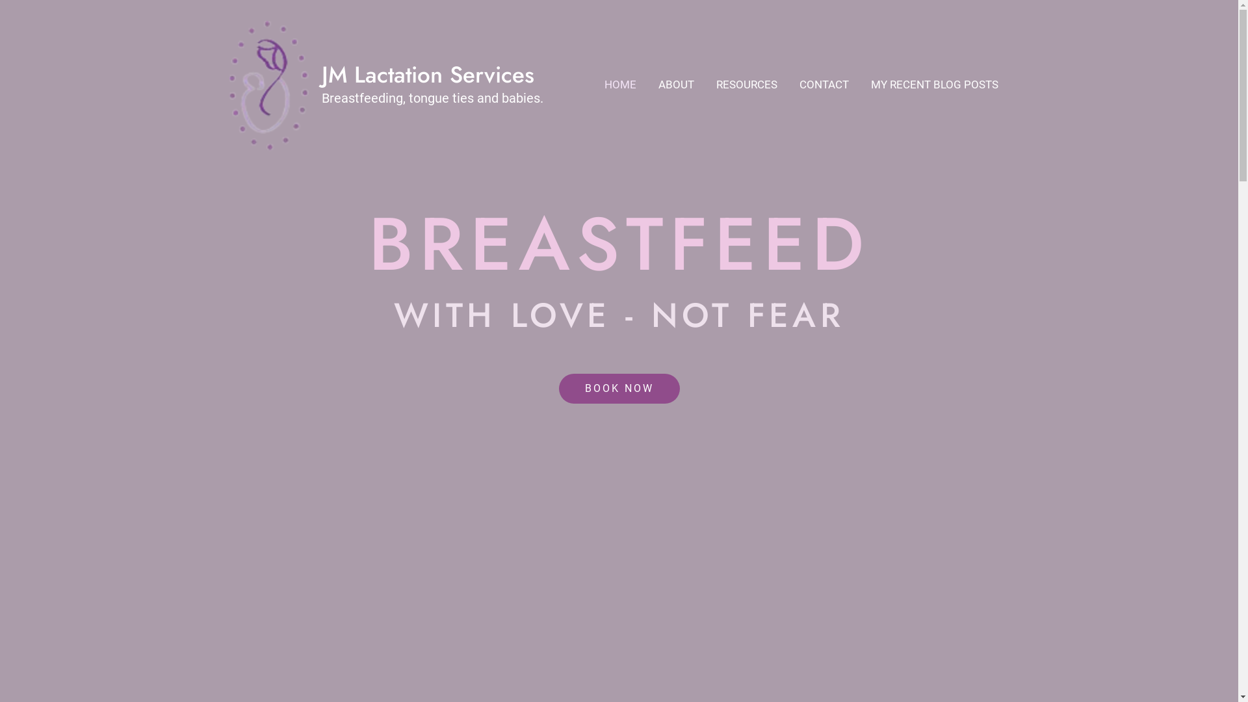 The image size is (1248, 702). I want to click on 'BOOK NOW', so click(619, 387).